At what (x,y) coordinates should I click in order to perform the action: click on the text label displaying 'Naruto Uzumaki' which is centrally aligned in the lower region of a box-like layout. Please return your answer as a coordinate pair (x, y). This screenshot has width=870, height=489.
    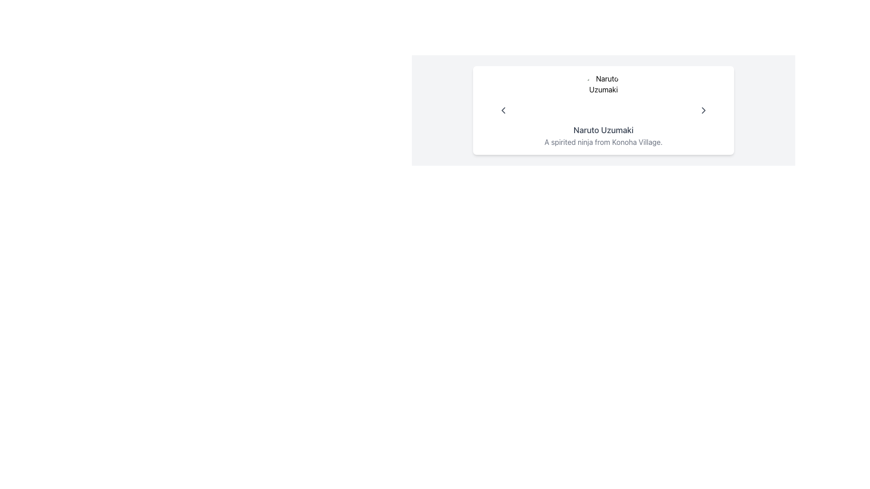
    Looking at the image, I should click on (603, 130).